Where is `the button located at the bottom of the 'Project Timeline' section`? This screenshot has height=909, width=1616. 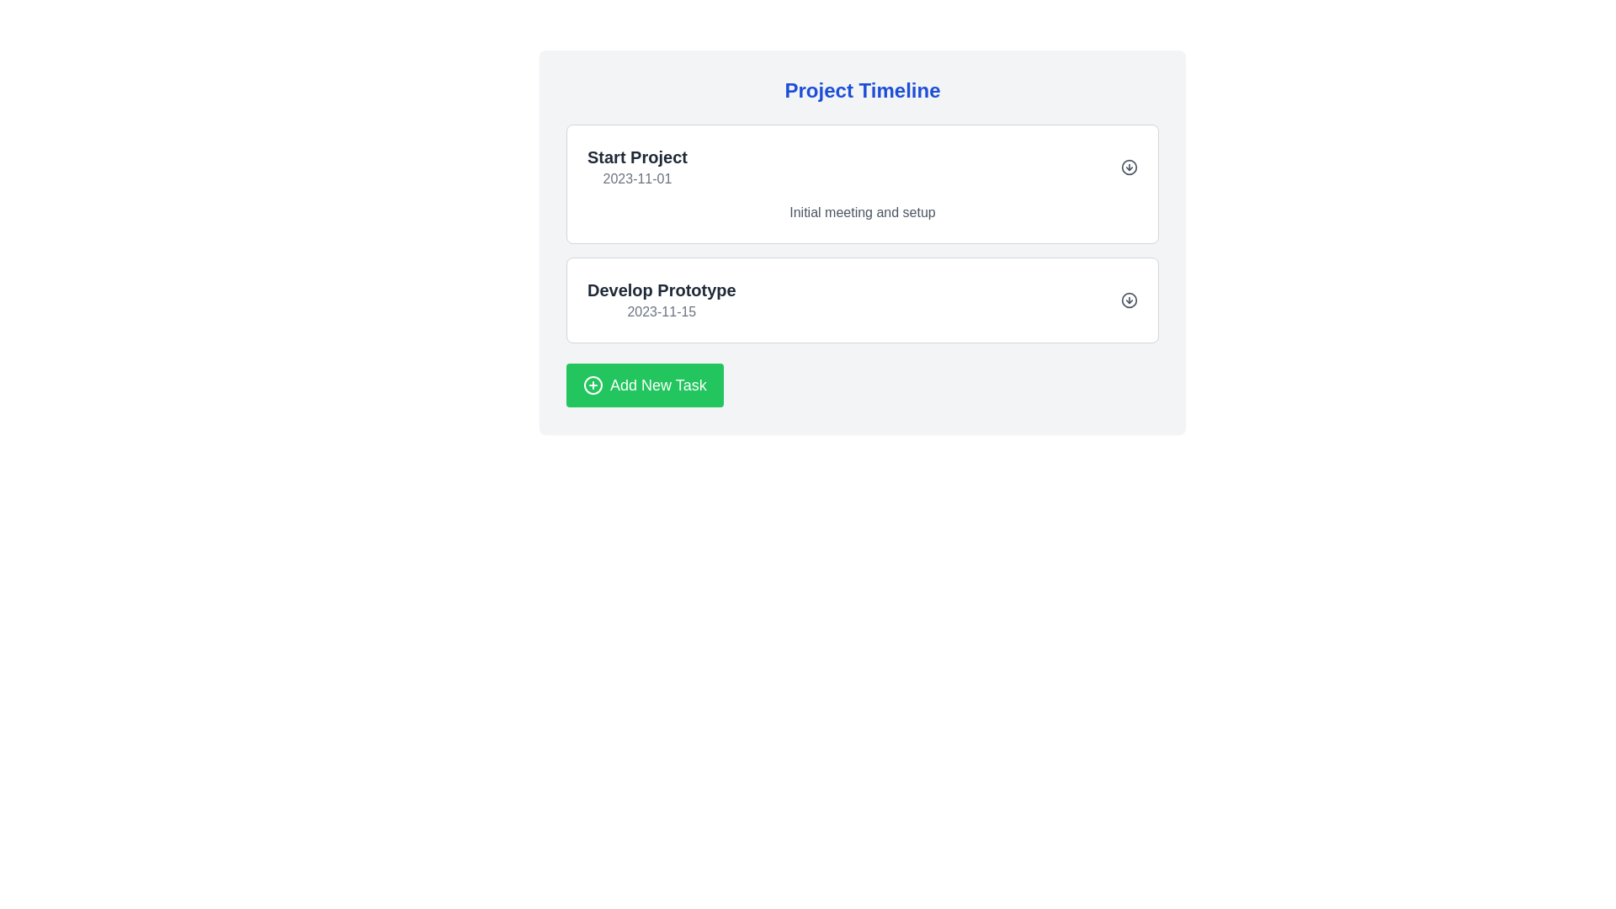 the button located at the bottom of the 'Project Timeline' section is located at coordinates (644, 385).